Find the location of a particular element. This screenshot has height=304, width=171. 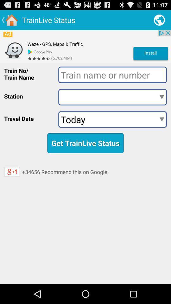

your train name or number is located at coordinates (112, 75).